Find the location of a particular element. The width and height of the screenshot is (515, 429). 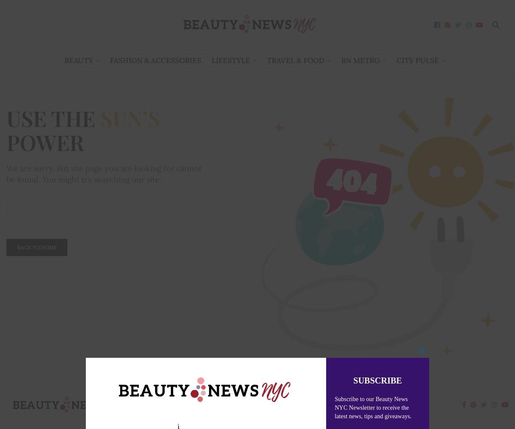

'About Us' is located at coordinates (191, 404).